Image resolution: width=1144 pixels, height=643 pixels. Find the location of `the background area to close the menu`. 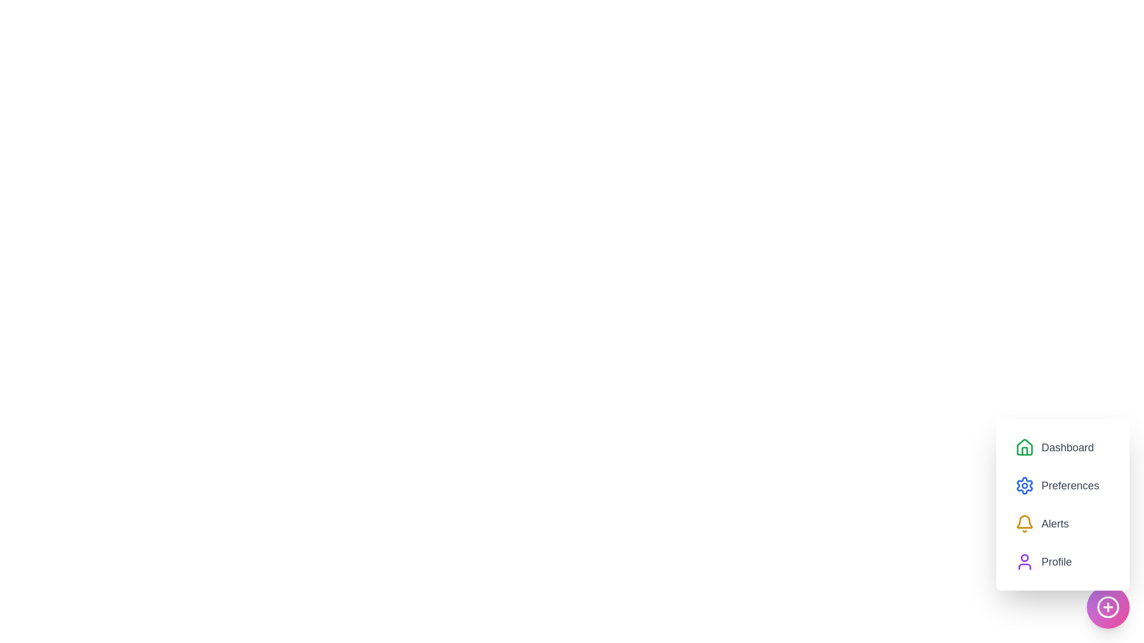

the background area to close the menu is located at coordinates (59, 60).